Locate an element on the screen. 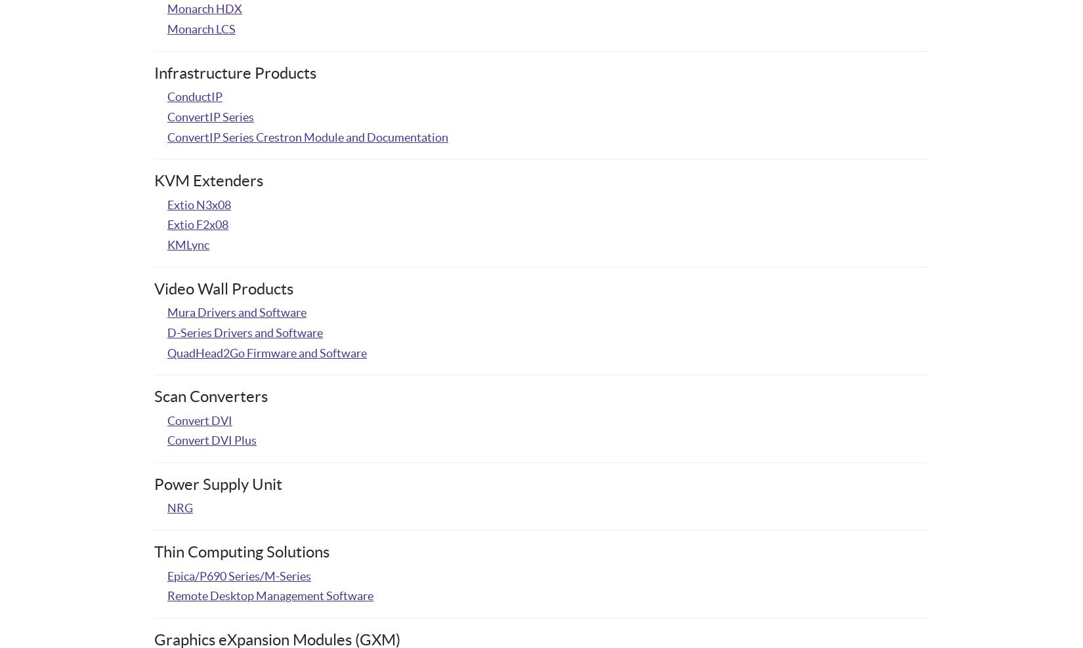 The width and height of the screenshot is (1083, 648). 'Scan Converters' is located at coordinates (211, 396).